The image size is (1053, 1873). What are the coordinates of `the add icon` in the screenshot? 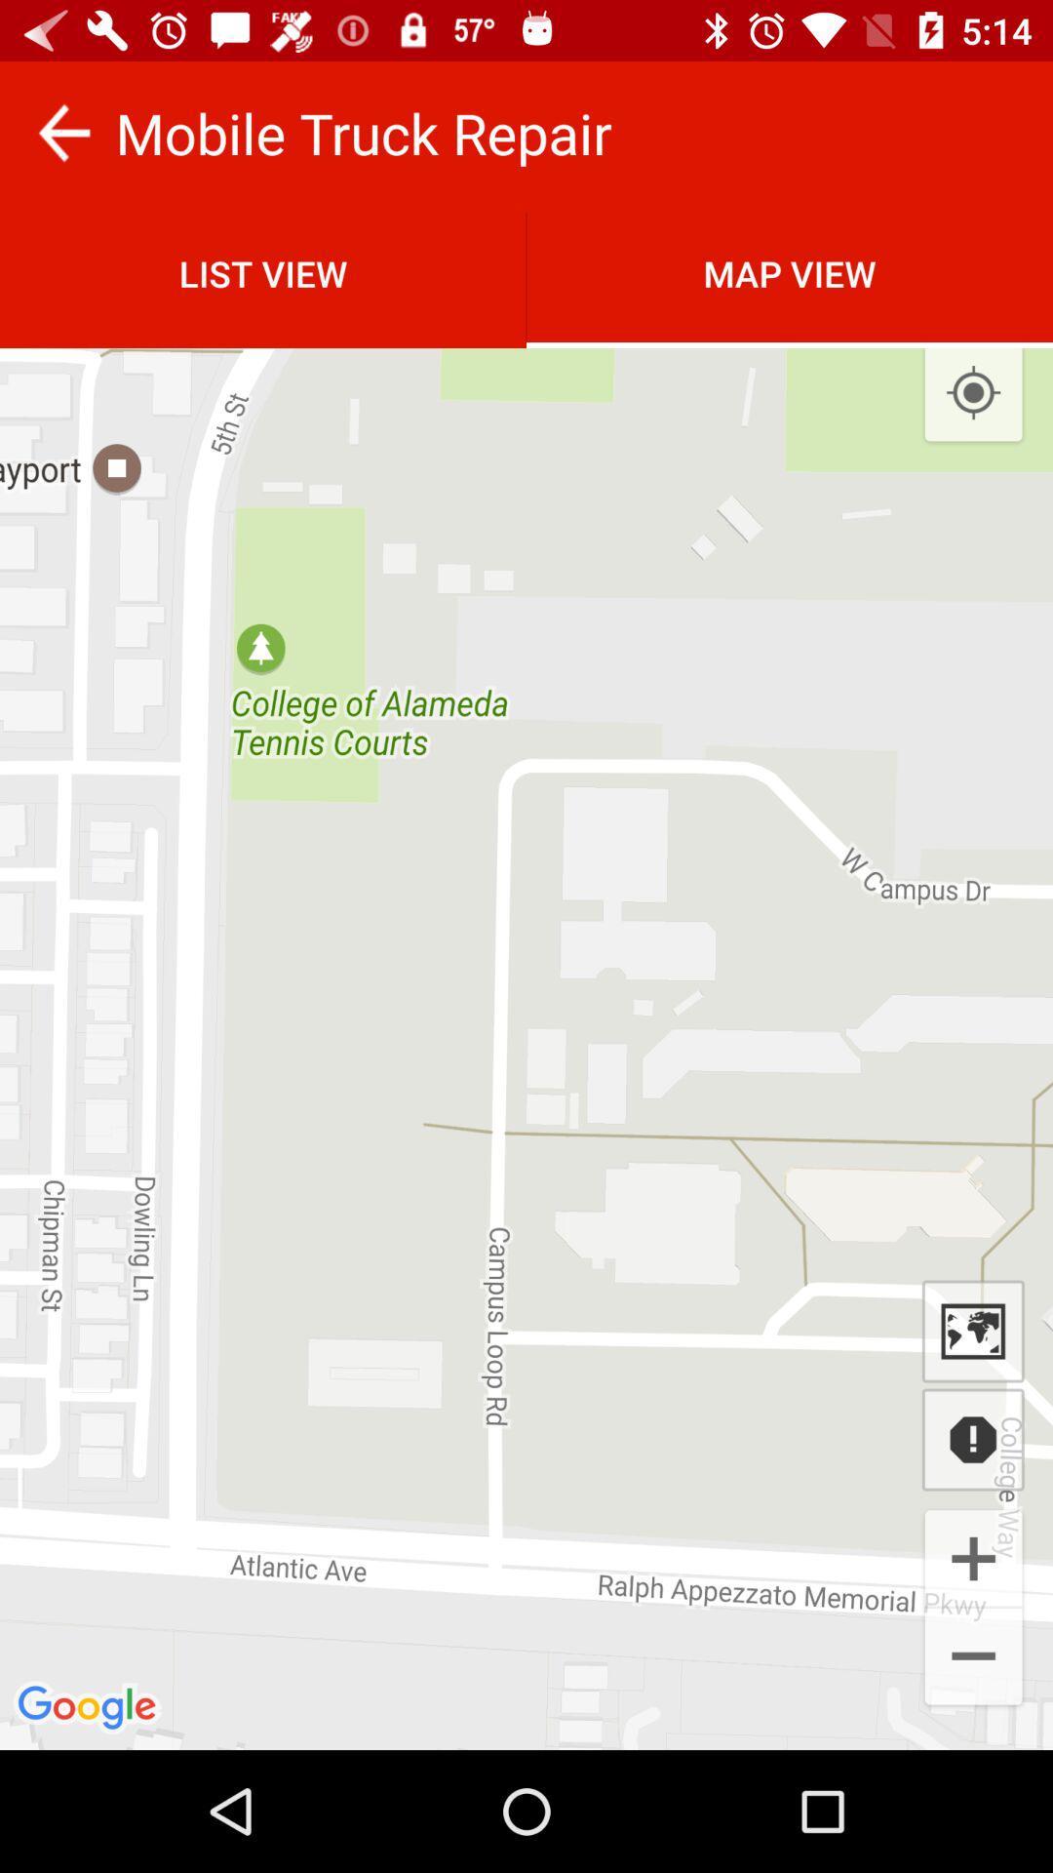 It's located at (973, 1556).